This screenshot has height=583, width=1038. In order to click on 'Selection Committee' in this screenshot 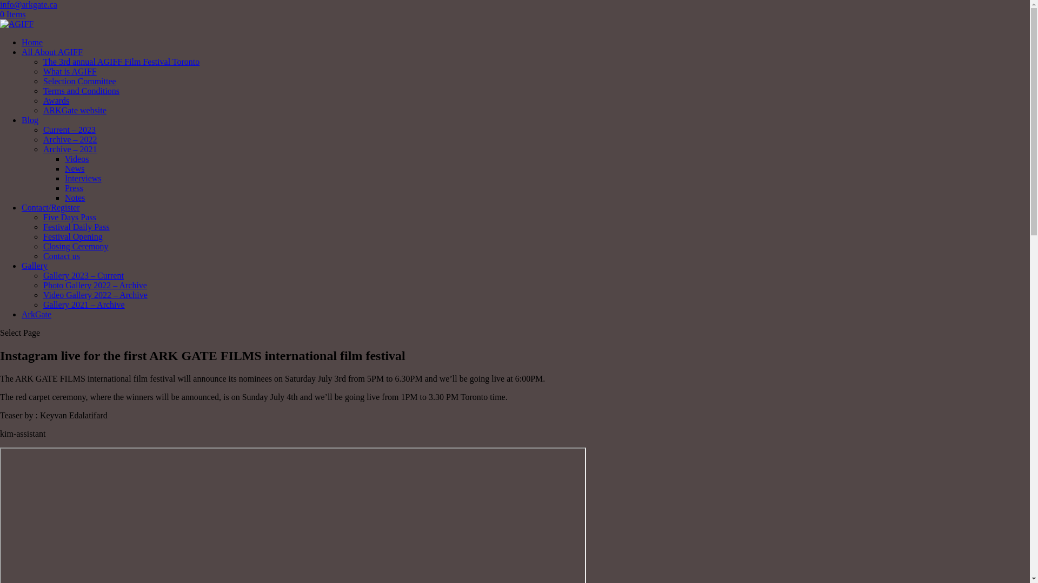, I will do `click(79, 80)`.